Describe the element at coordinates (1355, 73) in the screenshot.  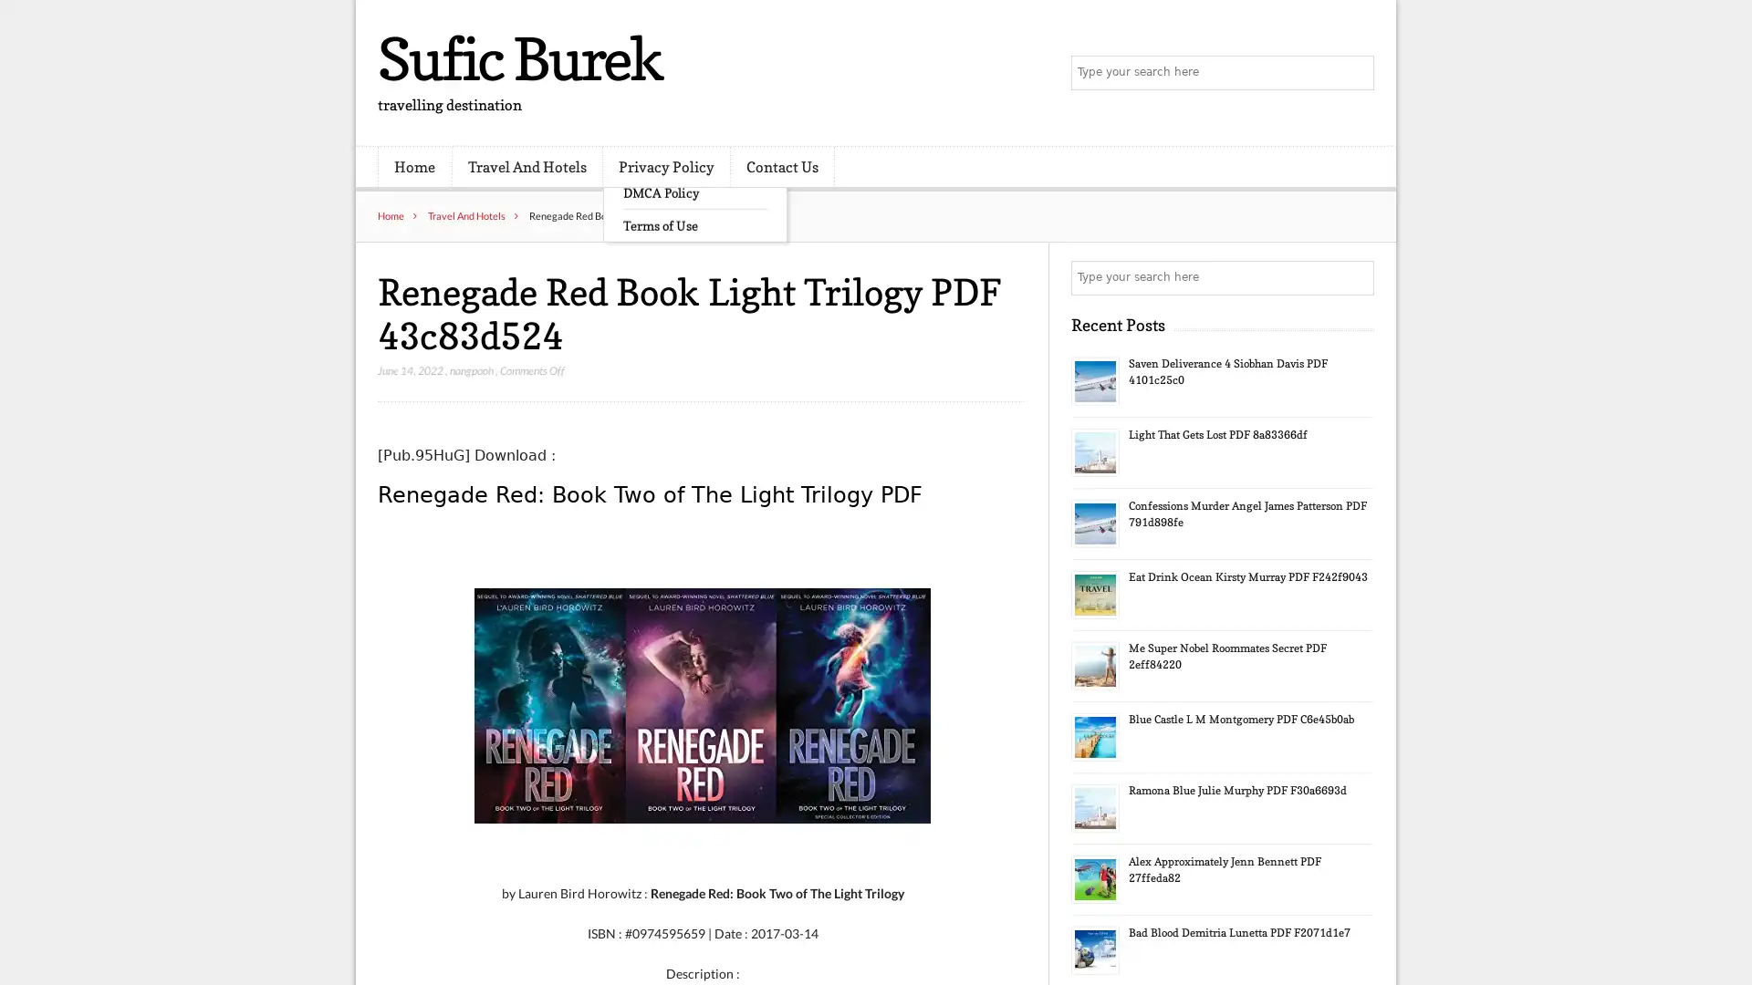
I see `Search` at that location.